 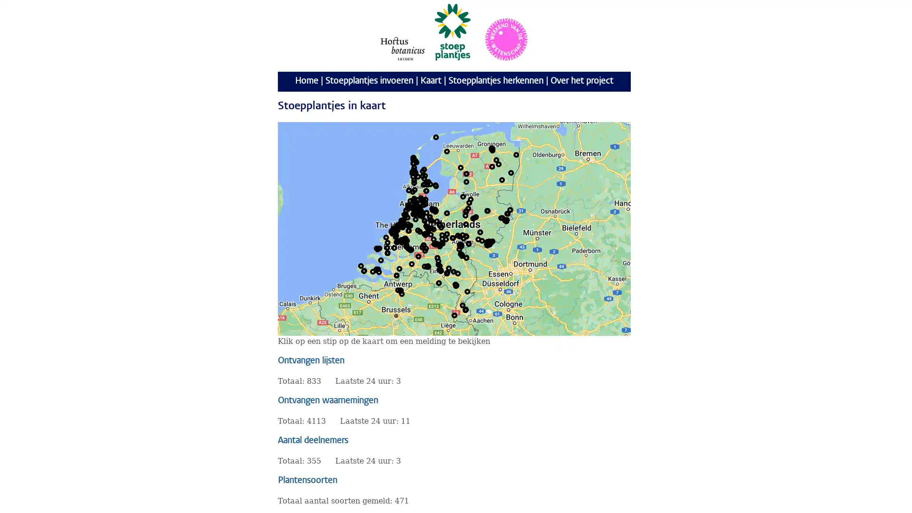 What do you see at coordinates (456, 285) in the screenshot?
I see `Telling van op 15 mei 2022` at bounding box center [456, 285].